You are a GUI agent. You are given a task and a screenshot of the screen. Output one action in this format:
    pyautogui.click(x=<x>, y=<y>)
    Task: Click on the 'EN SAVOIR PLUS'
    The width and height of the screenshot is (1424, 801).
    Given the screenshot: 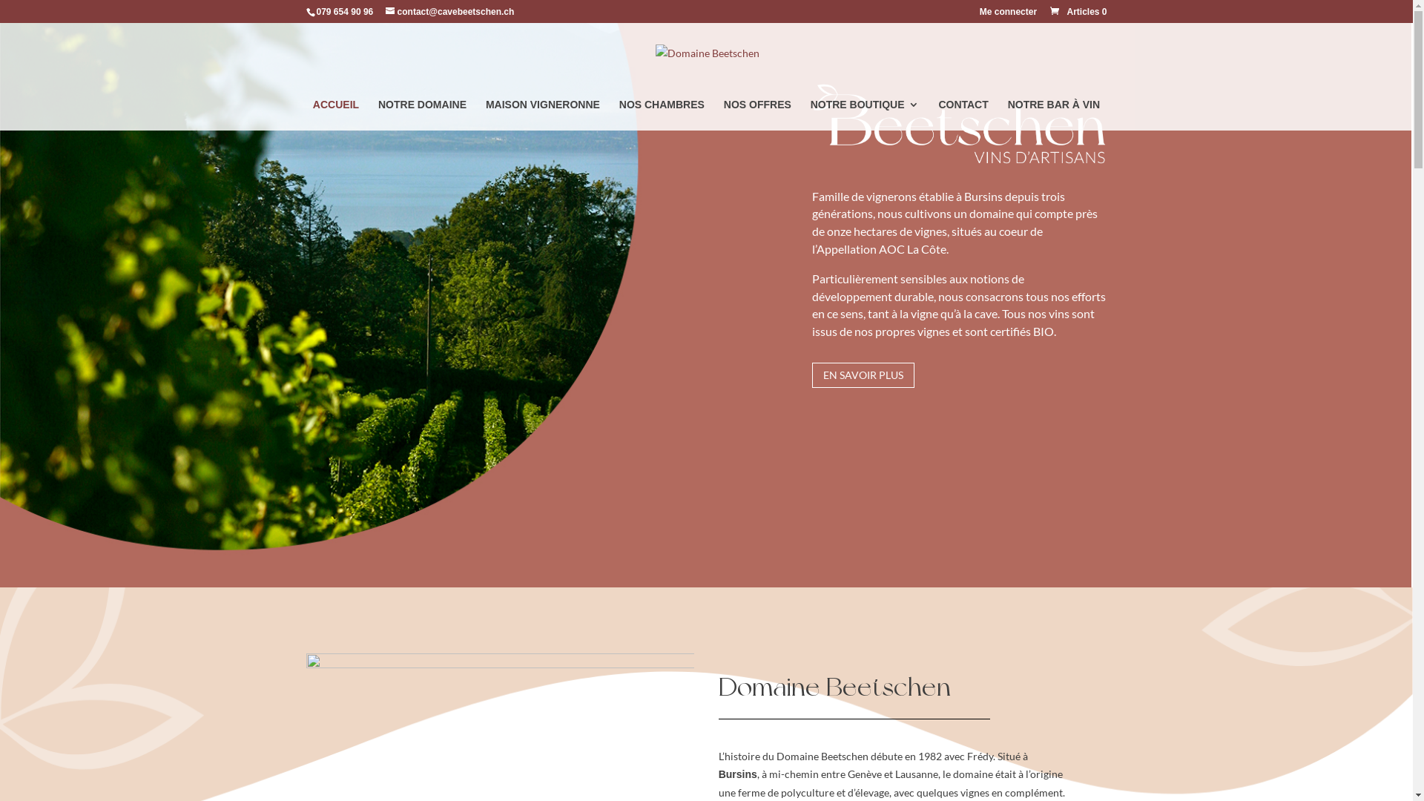 What is the action you would take?
    pyautogui.click(x=863, y=374)
    